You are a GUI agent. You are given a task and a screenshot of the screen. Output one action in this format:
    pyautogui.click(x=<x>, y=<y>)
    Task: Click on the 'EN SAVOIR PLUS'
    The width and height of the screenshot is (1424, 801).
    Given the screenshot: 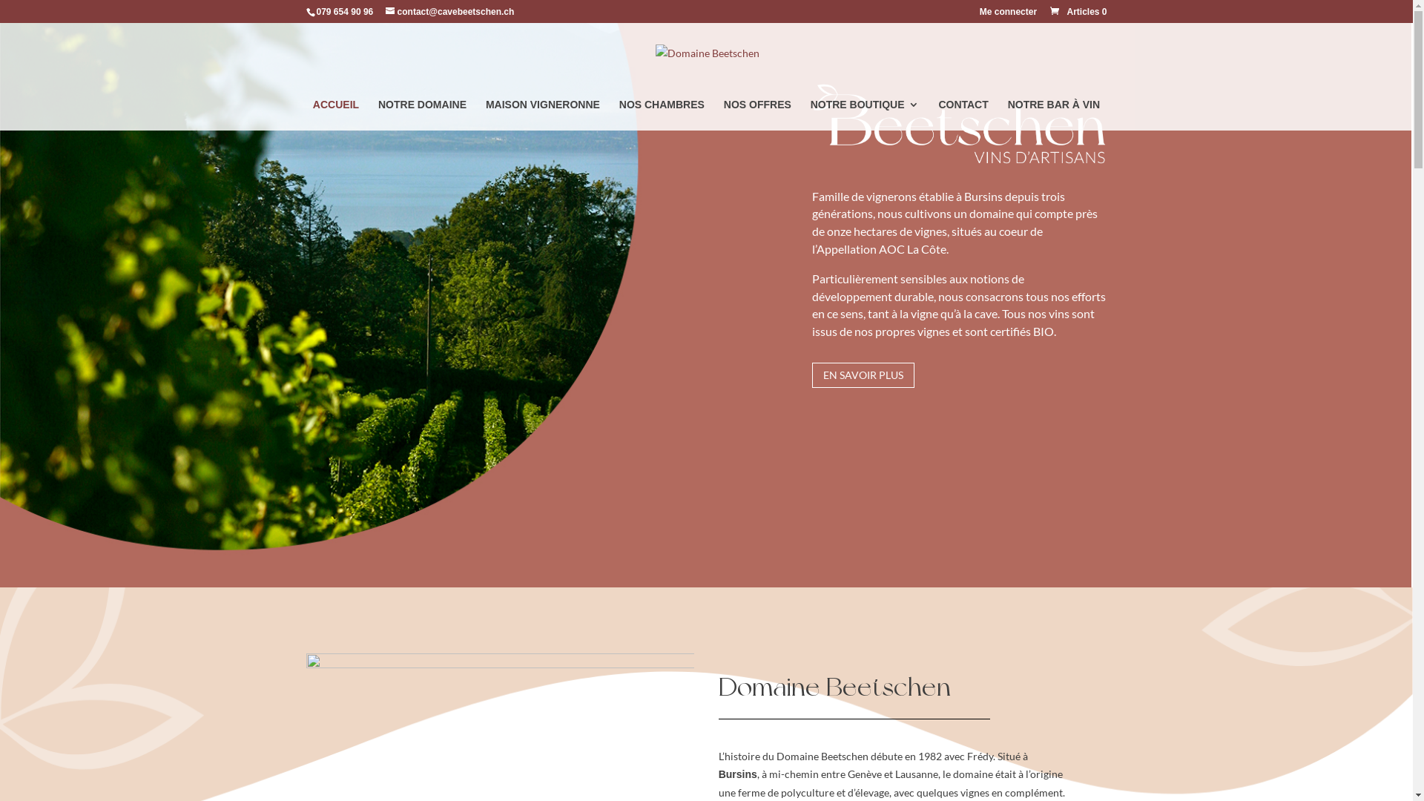 What is the action you would take?
    pyautogui.click(x=863, y=374)
    